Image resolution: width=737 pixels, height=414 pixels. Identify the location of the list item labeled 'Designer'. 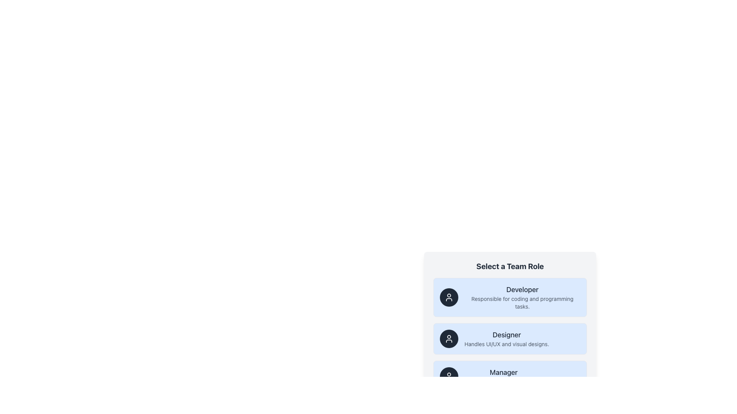
(510, 327).